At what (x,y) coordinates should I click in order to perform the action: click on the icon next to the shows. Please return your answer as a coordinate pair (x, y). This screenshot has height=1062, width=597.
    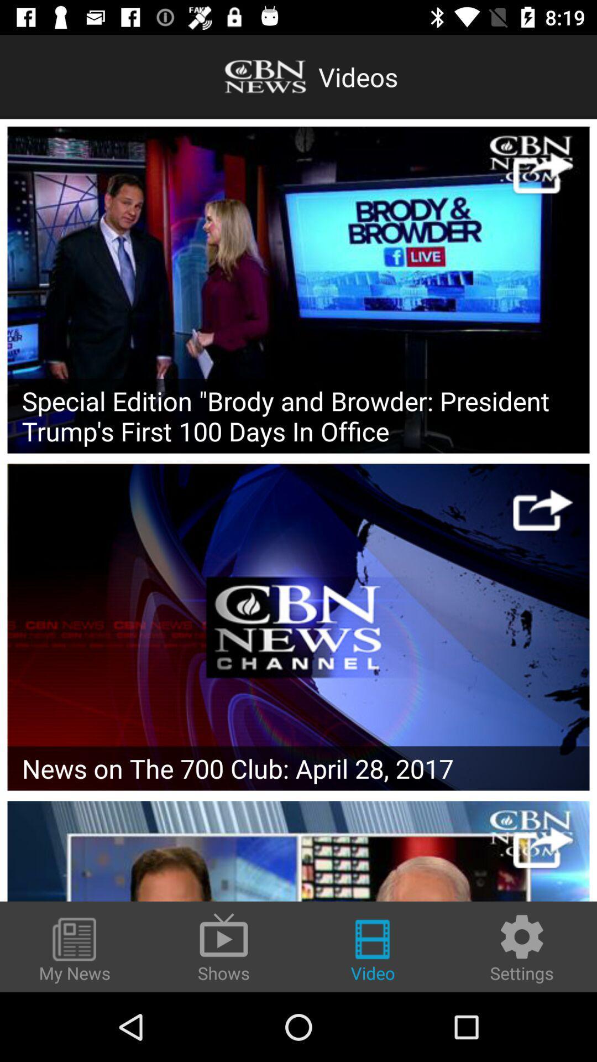
    Looking at the image, I should click on (75, 950).